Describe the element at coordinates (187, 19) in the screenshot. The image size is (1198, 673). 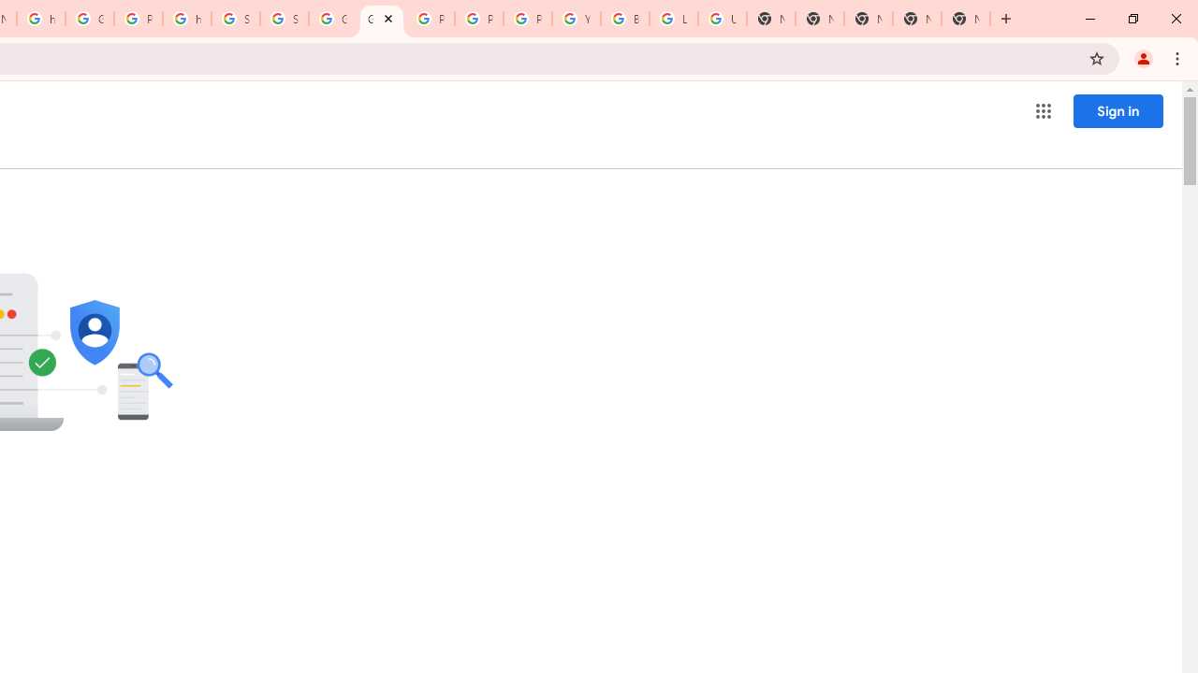
I see `'https://scholar.google.com/'` at that location.